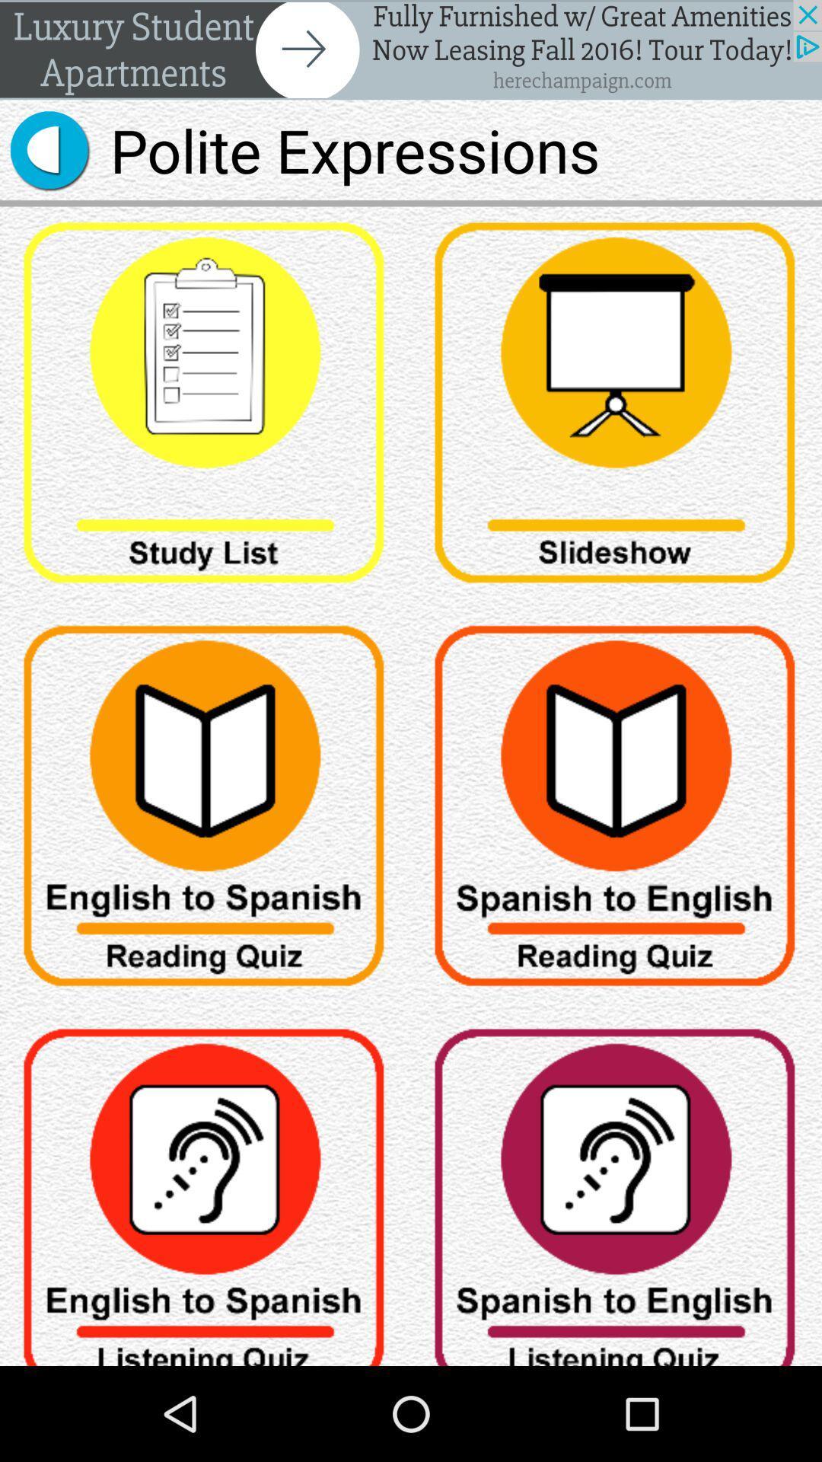 This screenshot has height=1462, width=822. I want to click on choose english to spanish, so click(205, 1189).